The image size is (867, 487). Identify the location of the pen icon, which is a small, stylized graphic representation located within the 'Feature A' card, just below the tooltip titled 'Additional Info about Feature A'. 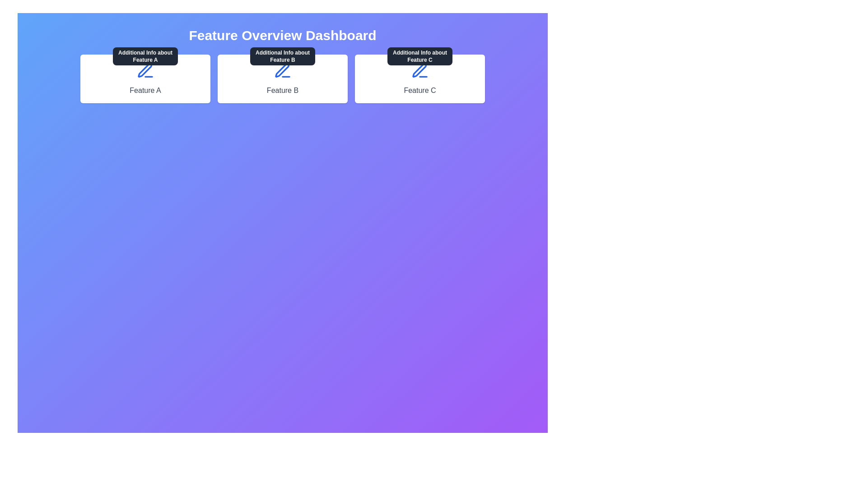
(145, 70).